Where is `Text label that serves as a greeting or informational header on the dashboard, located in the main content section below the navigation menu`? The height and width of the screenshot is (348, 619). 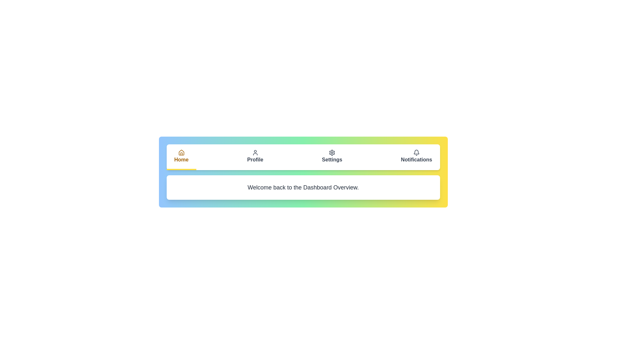 Text label that serves as a greeting or informational header on the dashboard, located in the main content section below the navigation menu is located at coordinates (303, 188).